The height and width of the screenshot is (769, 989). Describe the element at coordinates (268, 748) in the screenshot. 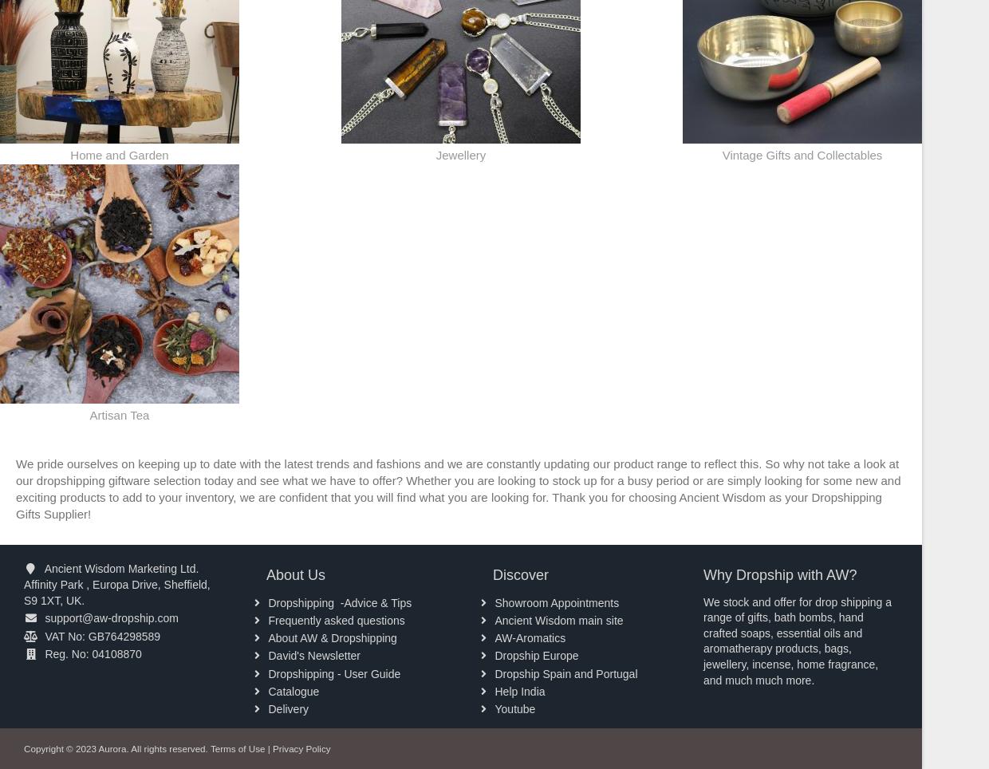

I see `'|'` at that location.